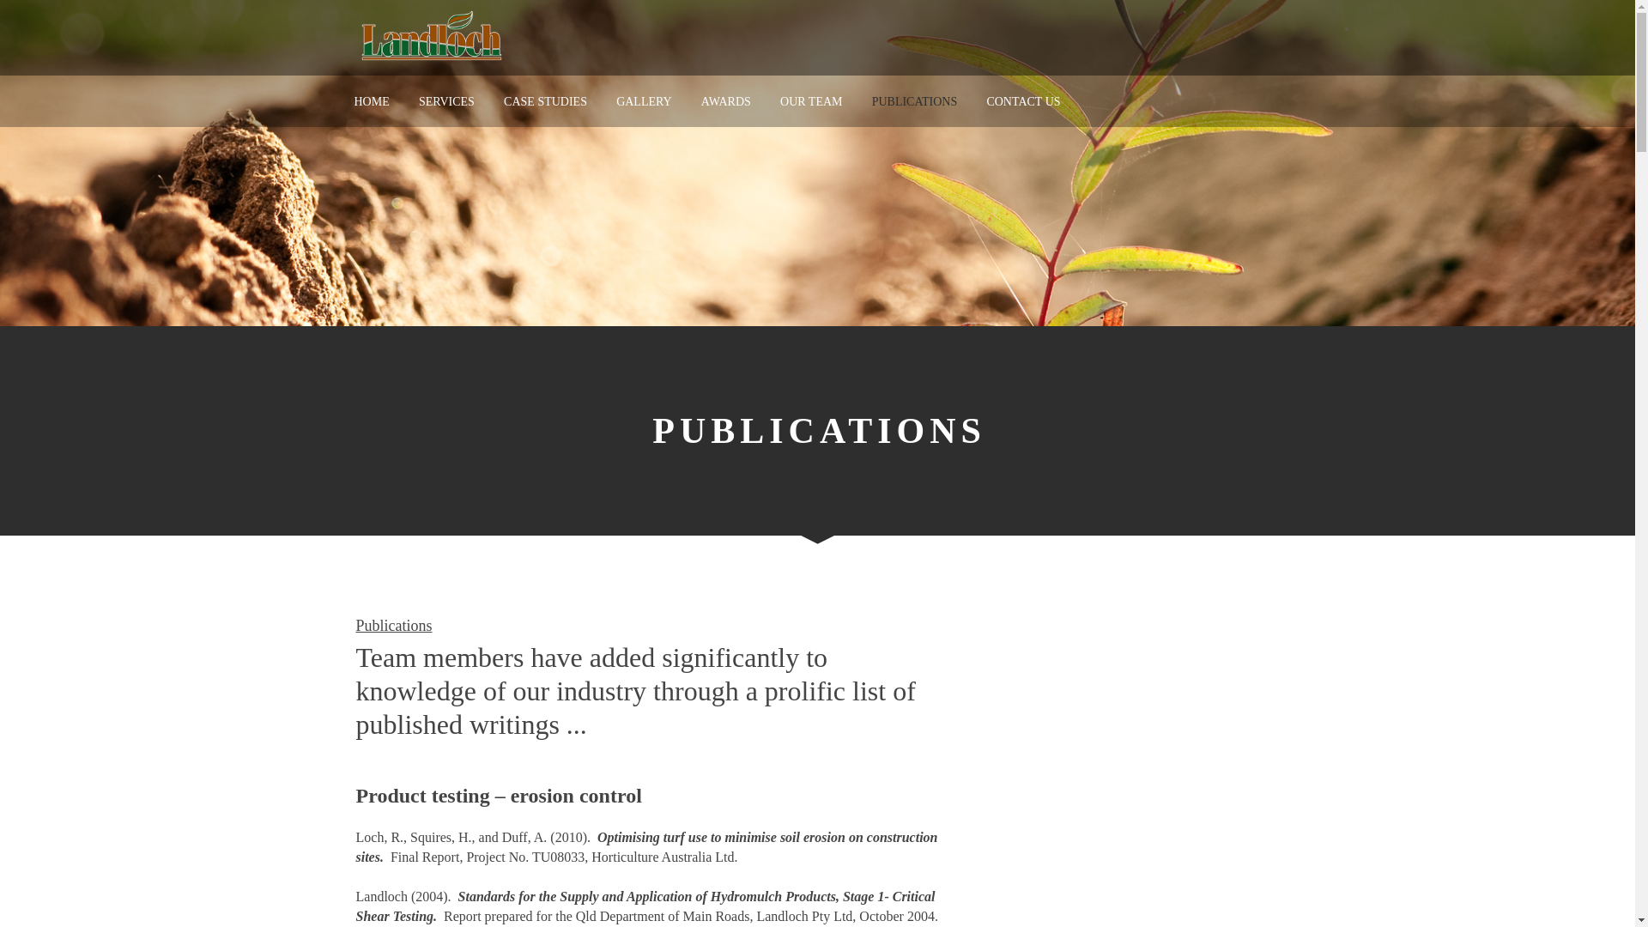 The image size is (1648, 927). Describe the element at coordinates (872, 101) in the screenshot. I see `'PUBLICATIONS'` at that location.